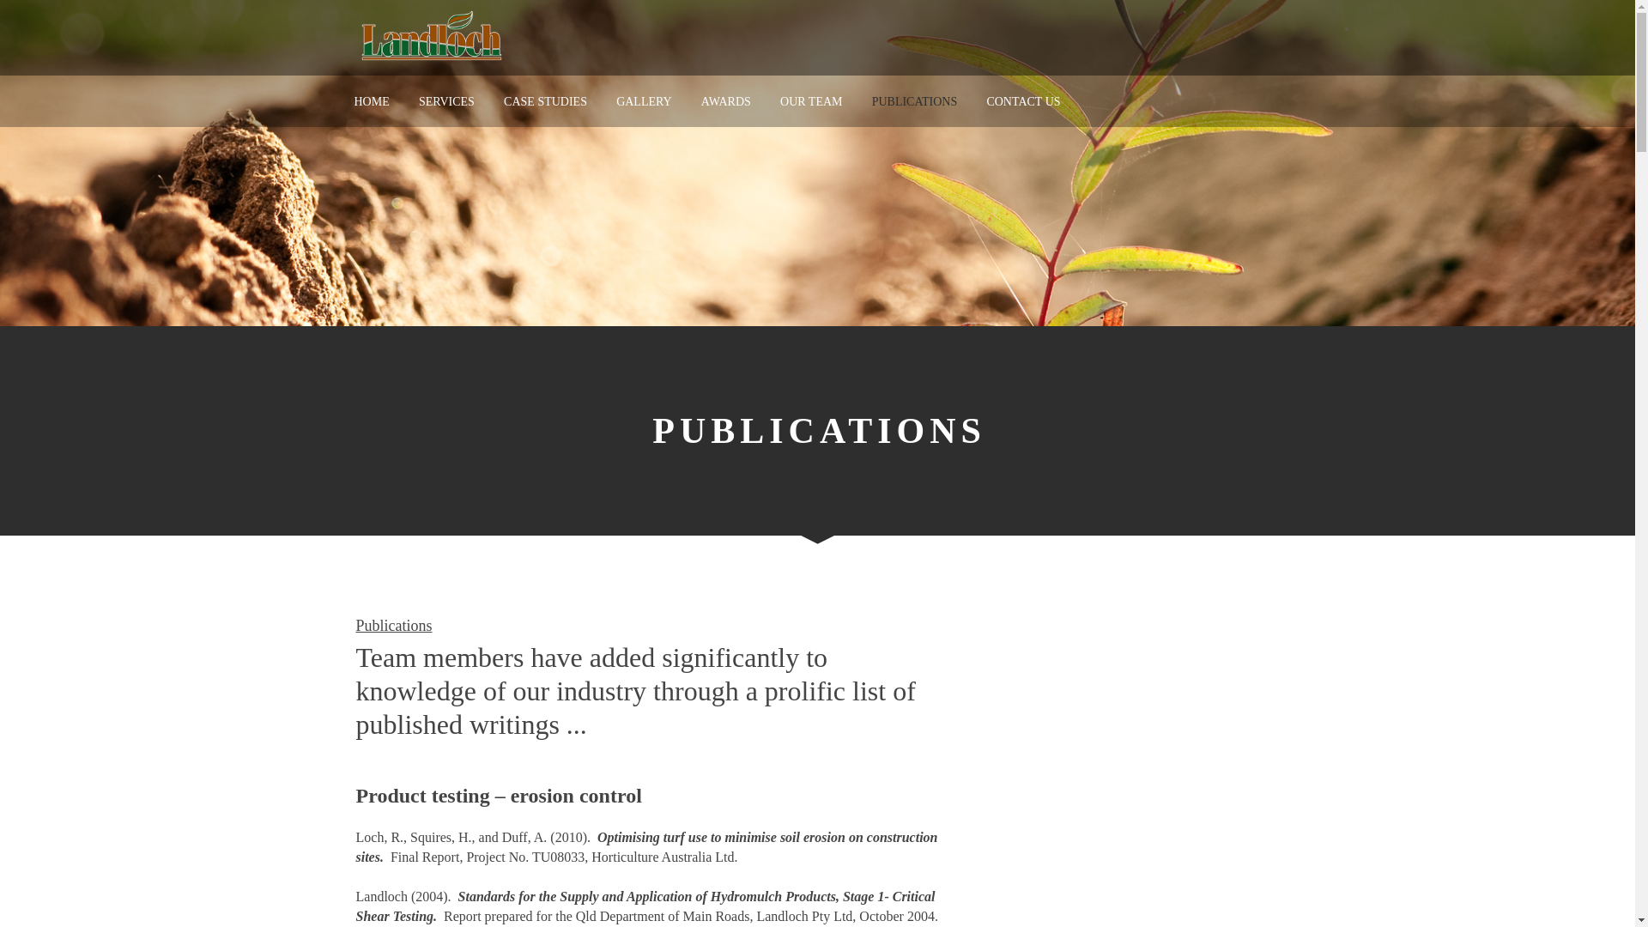 The image size is (1648, 927). Describe the element at coordinates (872, 101) in the screenshot. I see `'PUBLICATIONS'` at that location.